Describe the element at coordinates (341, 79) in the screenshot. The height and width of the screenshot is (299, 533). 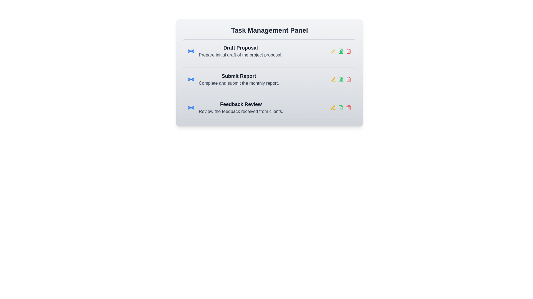
I see `the green-tinted document icon in the third row of task items` at that location.